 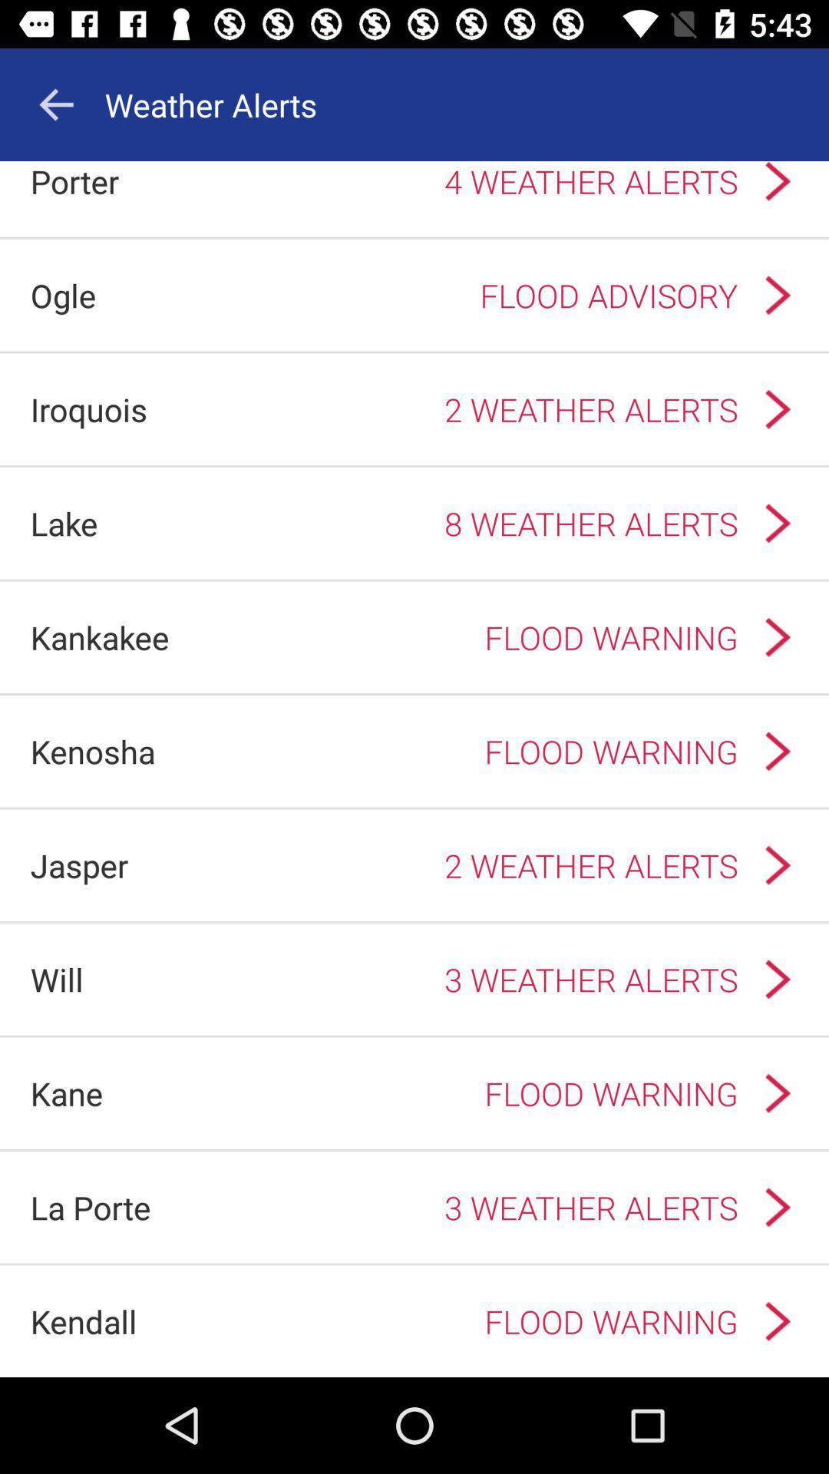 What do you see at coordinates (63, 523) in the screenshot?
I see `app above the kankakee icon` at bounding box center [63, 523].